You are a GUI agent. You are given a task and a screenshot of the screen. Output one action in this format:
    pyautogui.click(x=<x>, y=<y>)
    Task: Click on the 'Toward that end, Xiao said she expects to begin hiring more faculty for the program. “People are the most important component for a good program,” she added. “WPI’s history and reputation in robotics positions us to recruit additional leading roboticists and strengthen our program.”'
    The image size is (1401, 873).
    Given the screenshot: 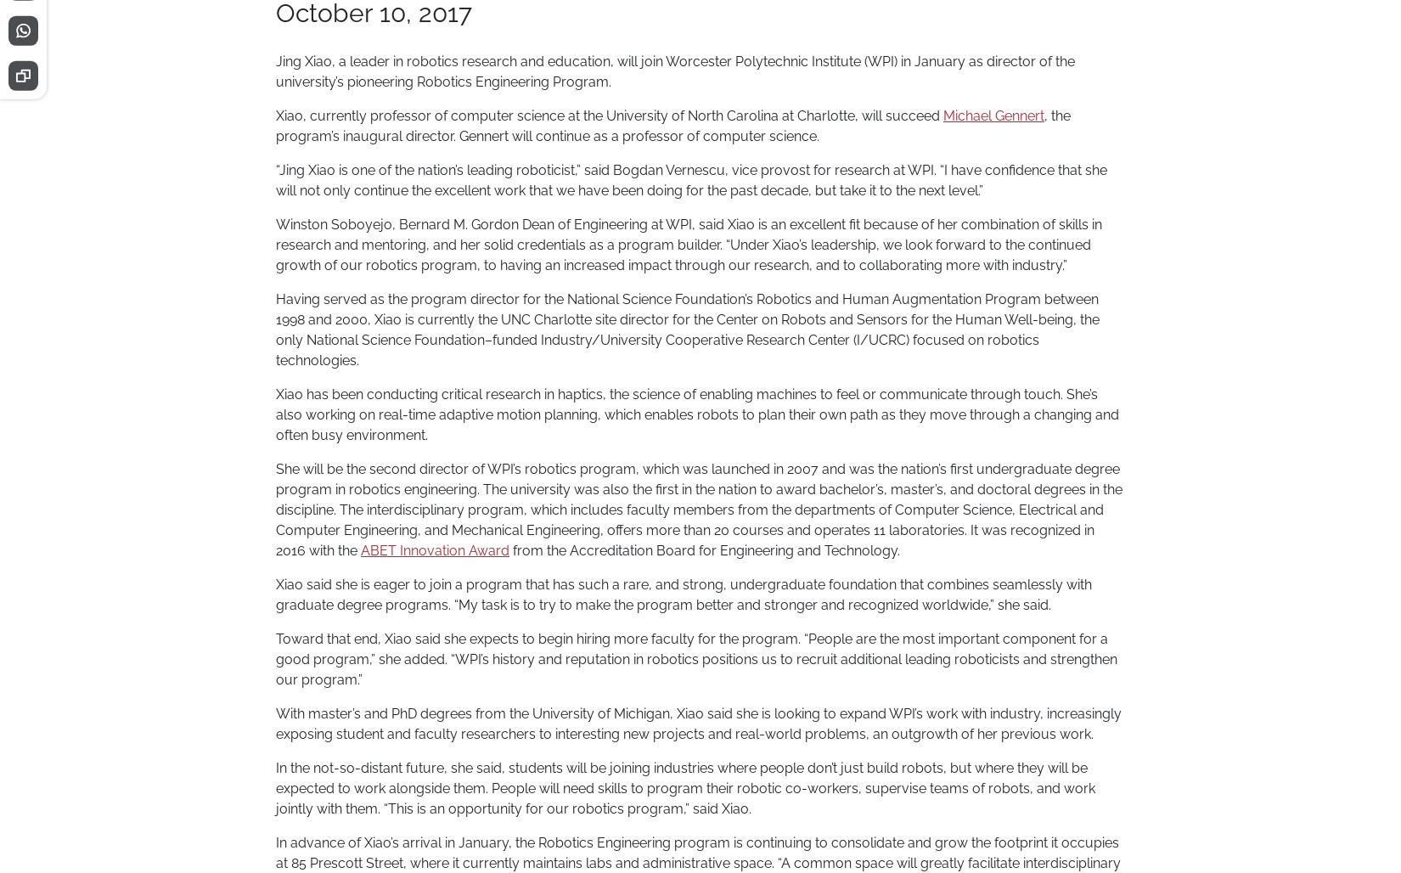 What is the action you would take?
    pyautogui.click(x=695, y=659)
    